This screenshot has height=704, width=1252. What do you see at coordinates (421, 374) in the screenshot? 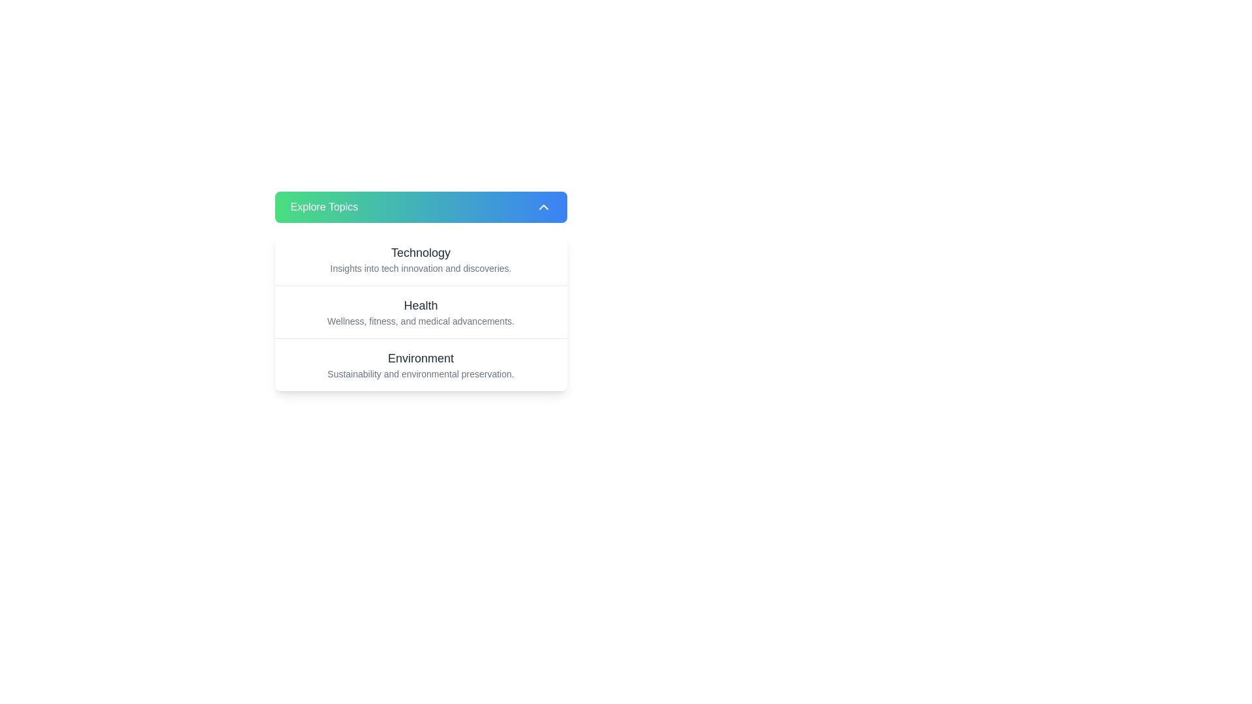
I see `the descriptive text element located in the bottom section of the 'Environment' category, positioned directly below its header title in the 'Explore Topics' section` at bounding box center [421, 374].